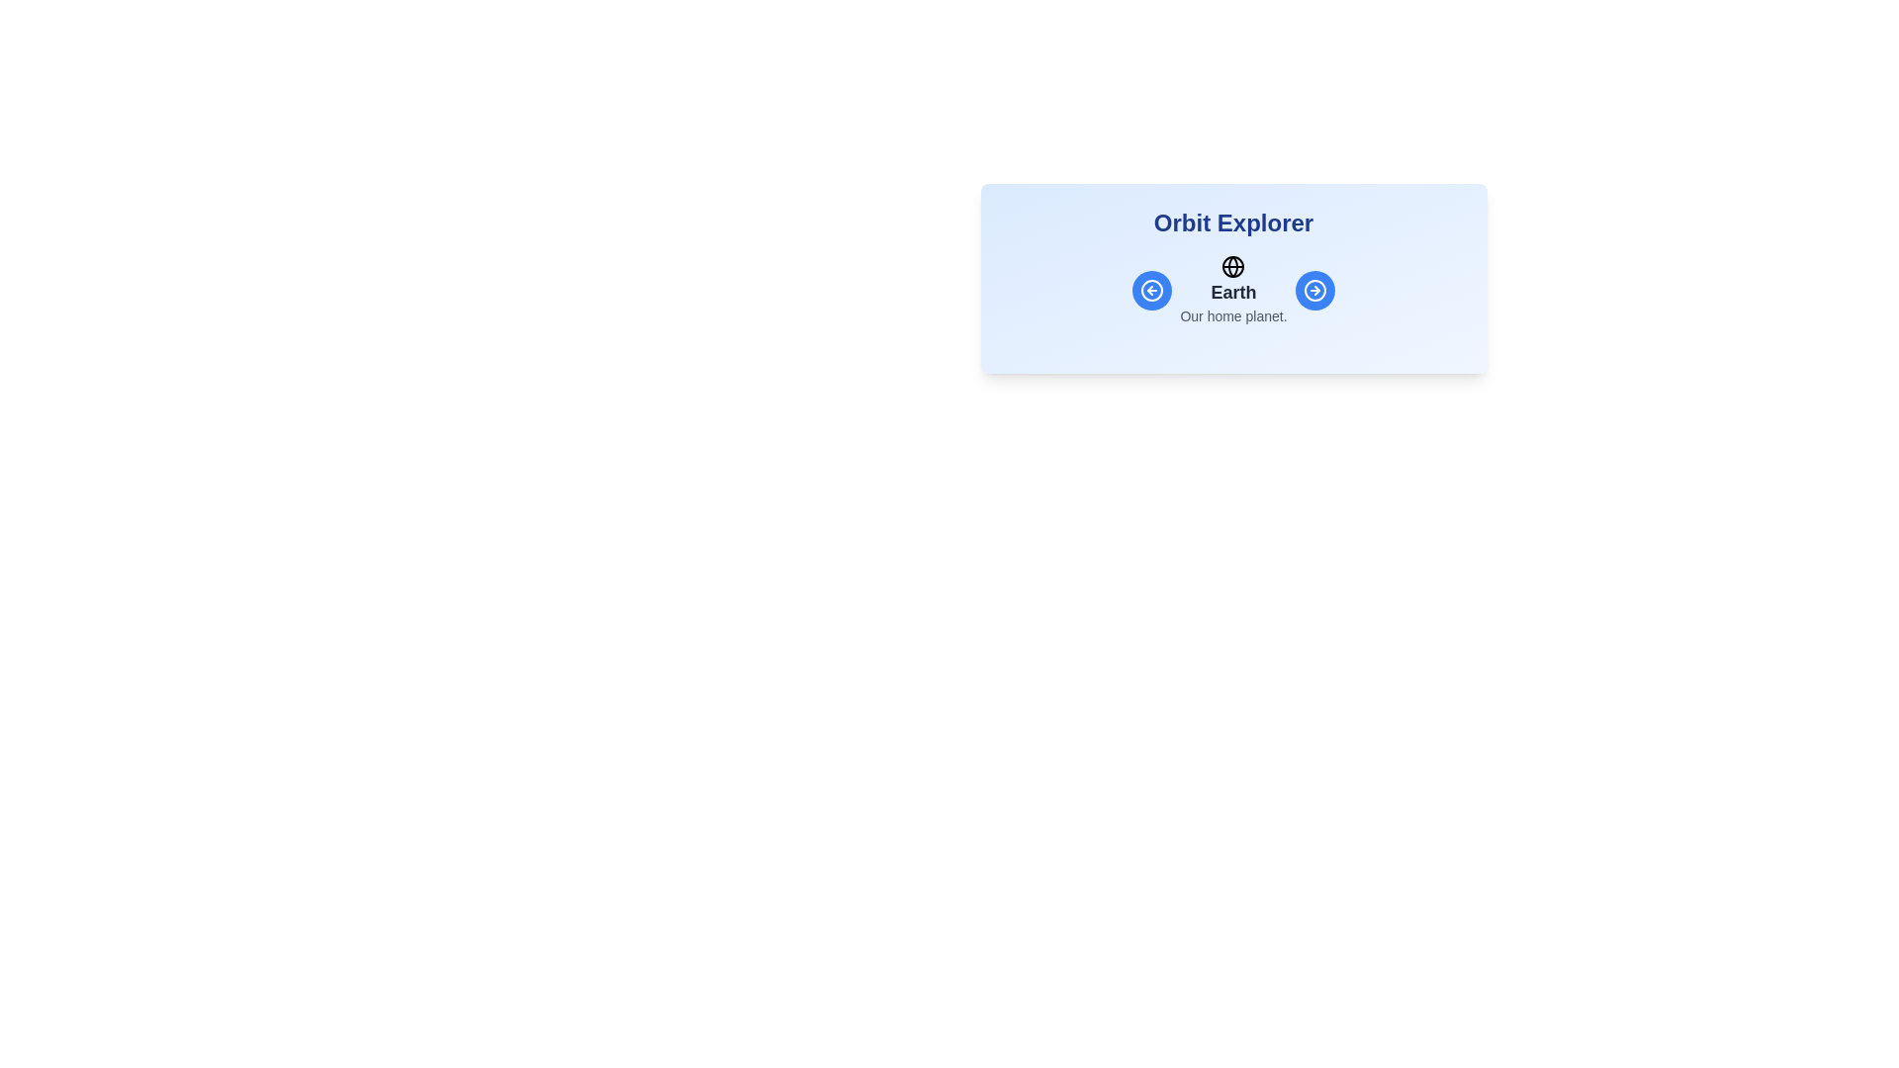 Image resolution: width=1899 pixels, height=1068 pixels. What do you see at coordinates (1152, 290) in the screenshot?
I see `the leftmost graphic icon of the backward navigation button, which is part of the header UI block` at bounding box center [1152, 290].